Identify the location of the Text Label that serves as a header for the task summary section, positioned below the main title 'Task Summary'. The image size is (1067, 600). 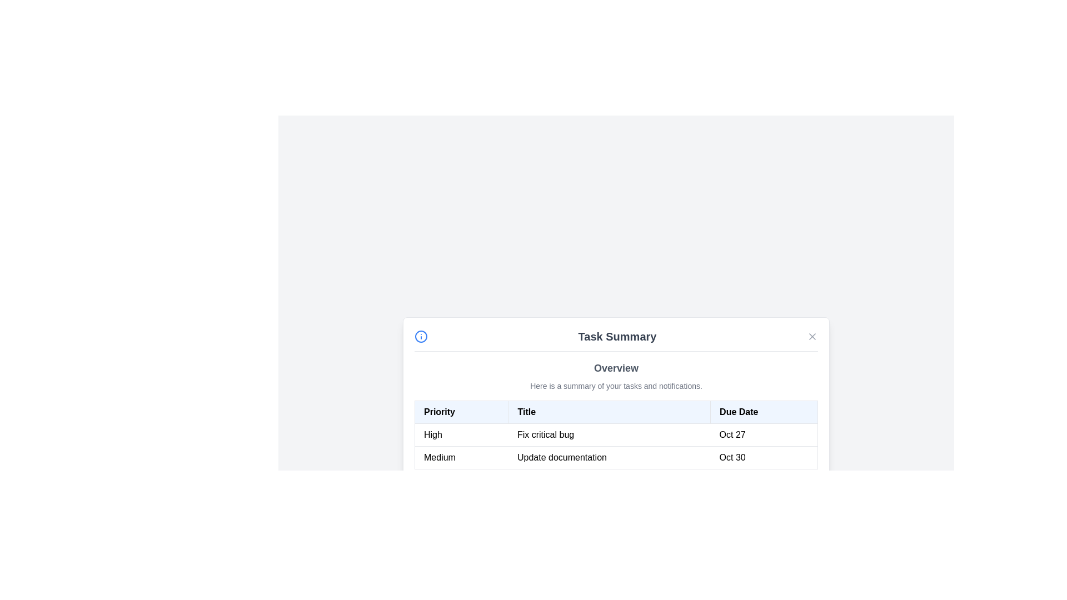
(615, 368).